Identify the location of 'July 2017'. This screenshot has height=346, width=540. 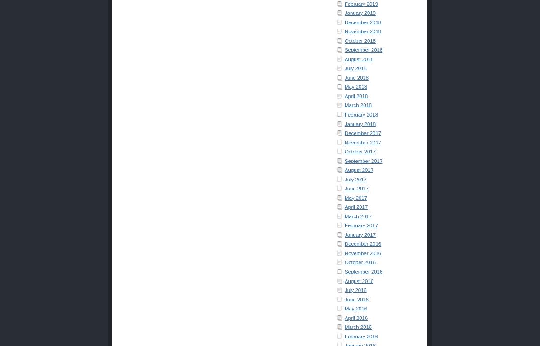
(344, 179).